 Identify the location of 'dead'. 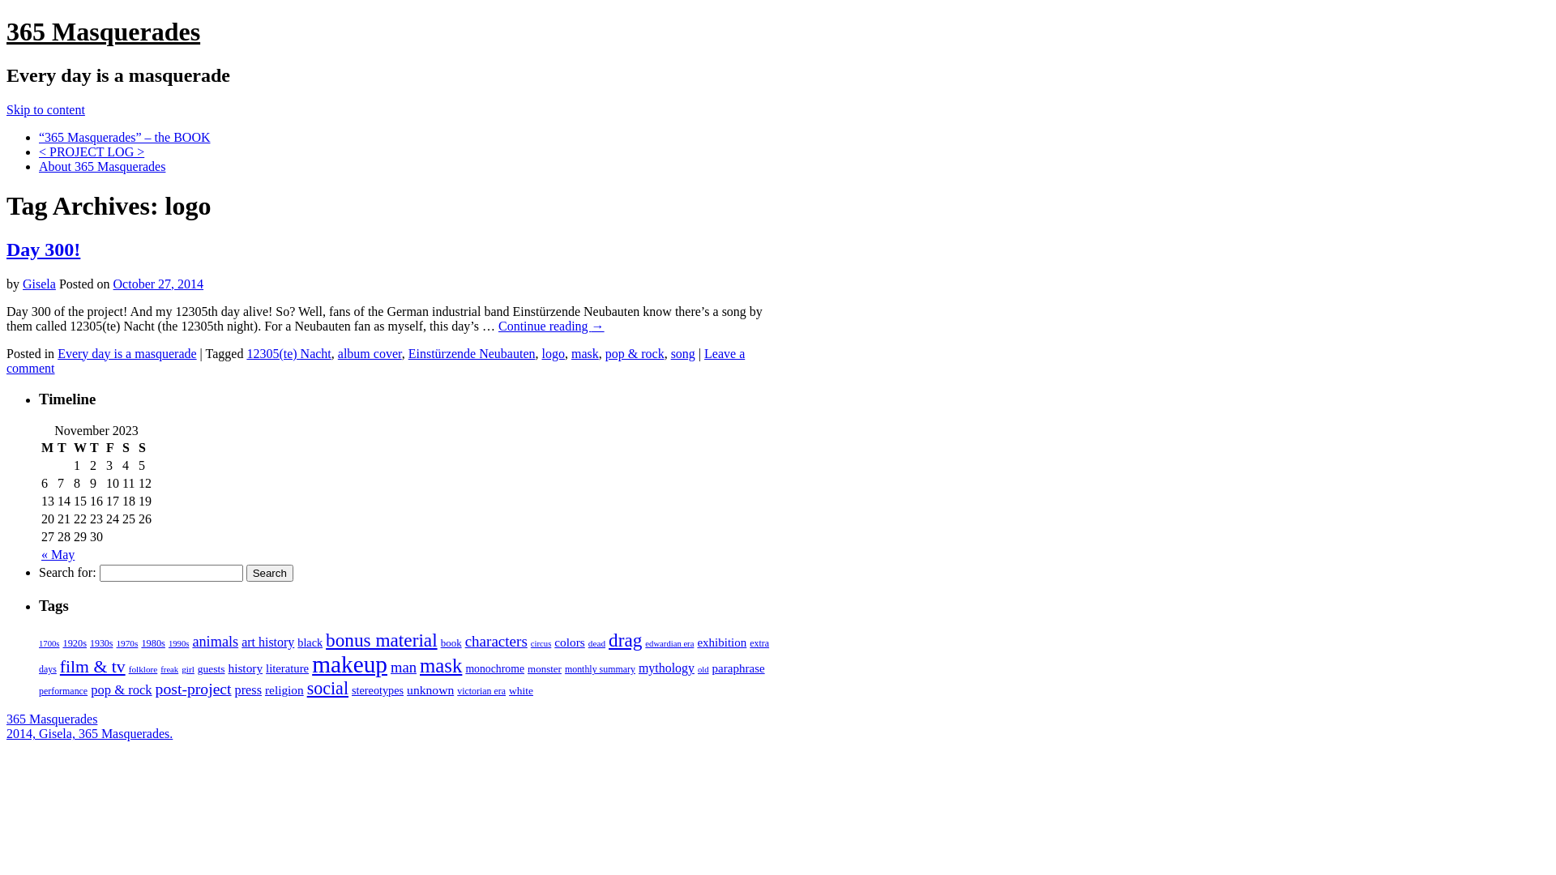
(596, 642).